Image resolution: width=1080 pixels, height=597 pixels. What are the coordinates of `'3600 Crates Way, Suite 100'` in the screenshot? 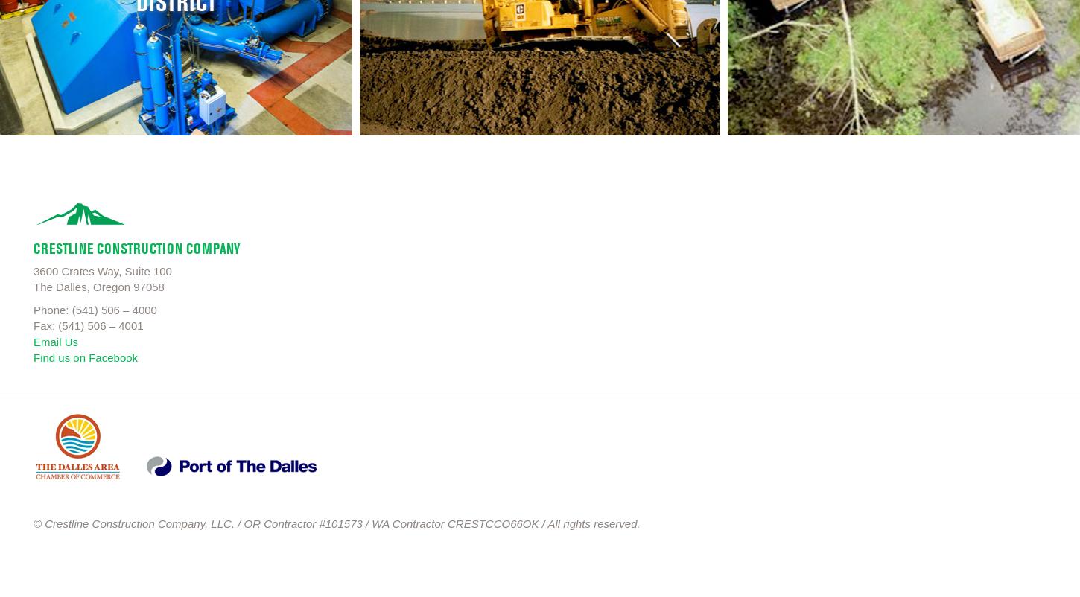 It's located at (101, 269).